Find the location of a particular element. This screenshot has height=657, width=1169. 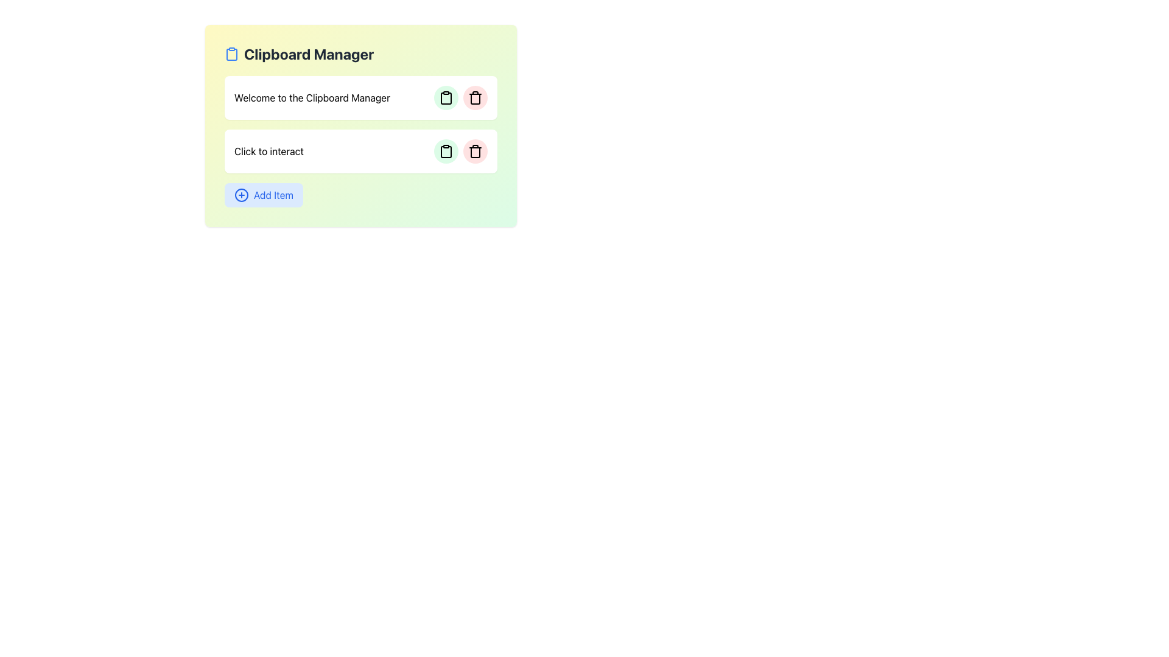

the delete button is located at coordinates (475, 151).